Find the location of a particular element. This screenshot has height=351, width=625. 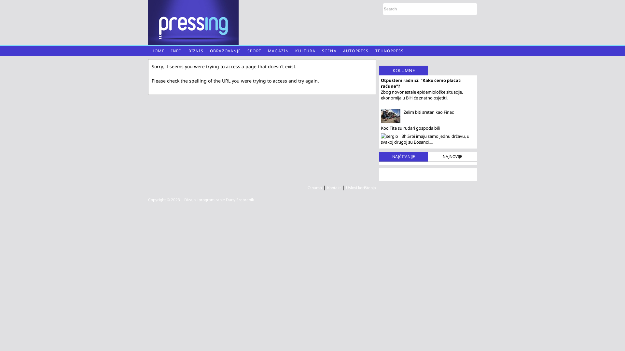

'O nama' is located at coordinates (314, 188).